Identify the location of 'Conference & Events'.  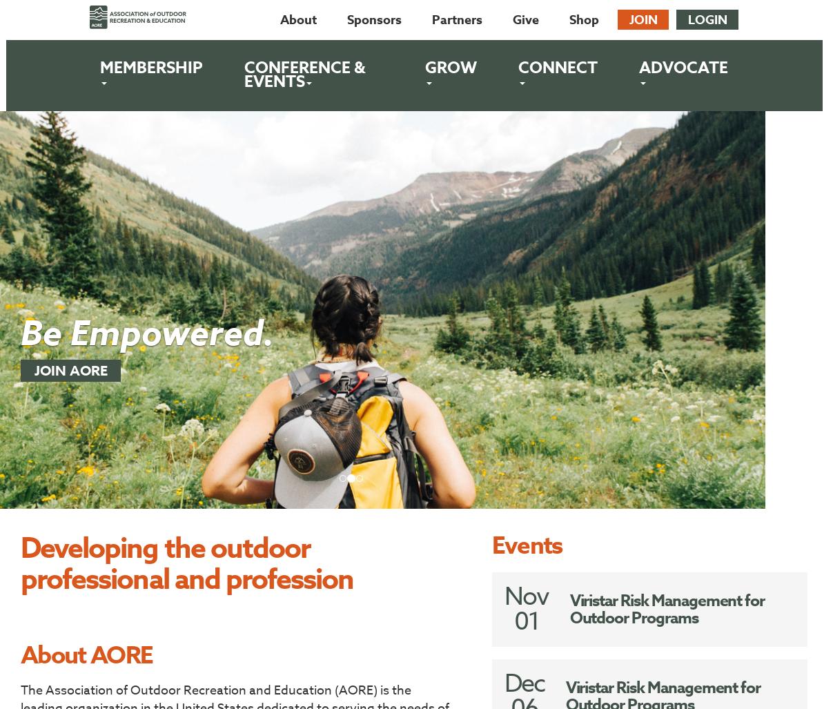
(304, 74).